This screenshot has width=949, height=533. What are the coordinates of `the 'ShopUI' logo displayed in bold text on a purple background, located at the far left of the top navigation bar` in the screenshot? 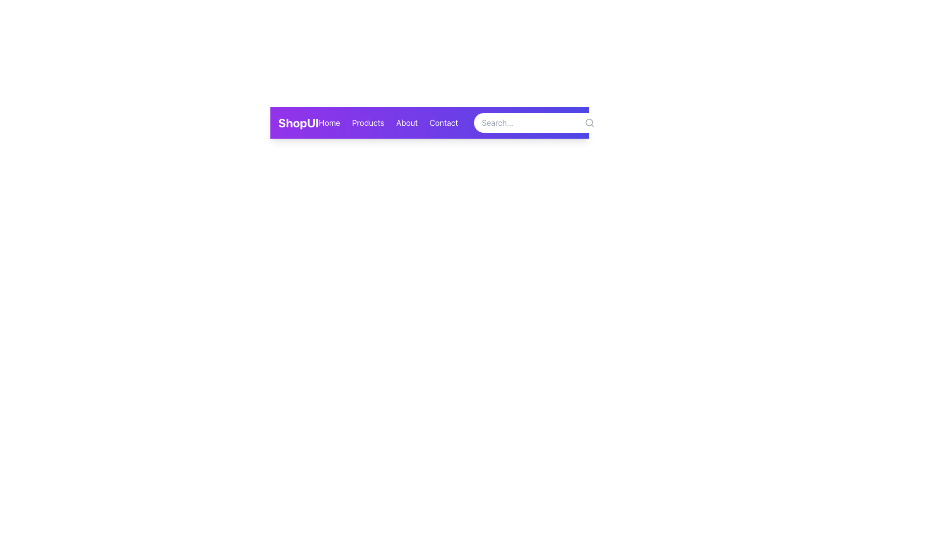 It's located at (298, 122).